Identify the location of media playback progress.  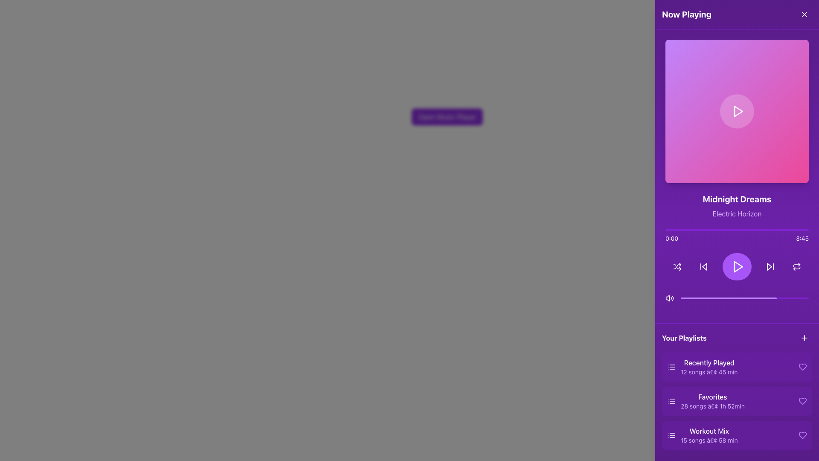
(761, 298).